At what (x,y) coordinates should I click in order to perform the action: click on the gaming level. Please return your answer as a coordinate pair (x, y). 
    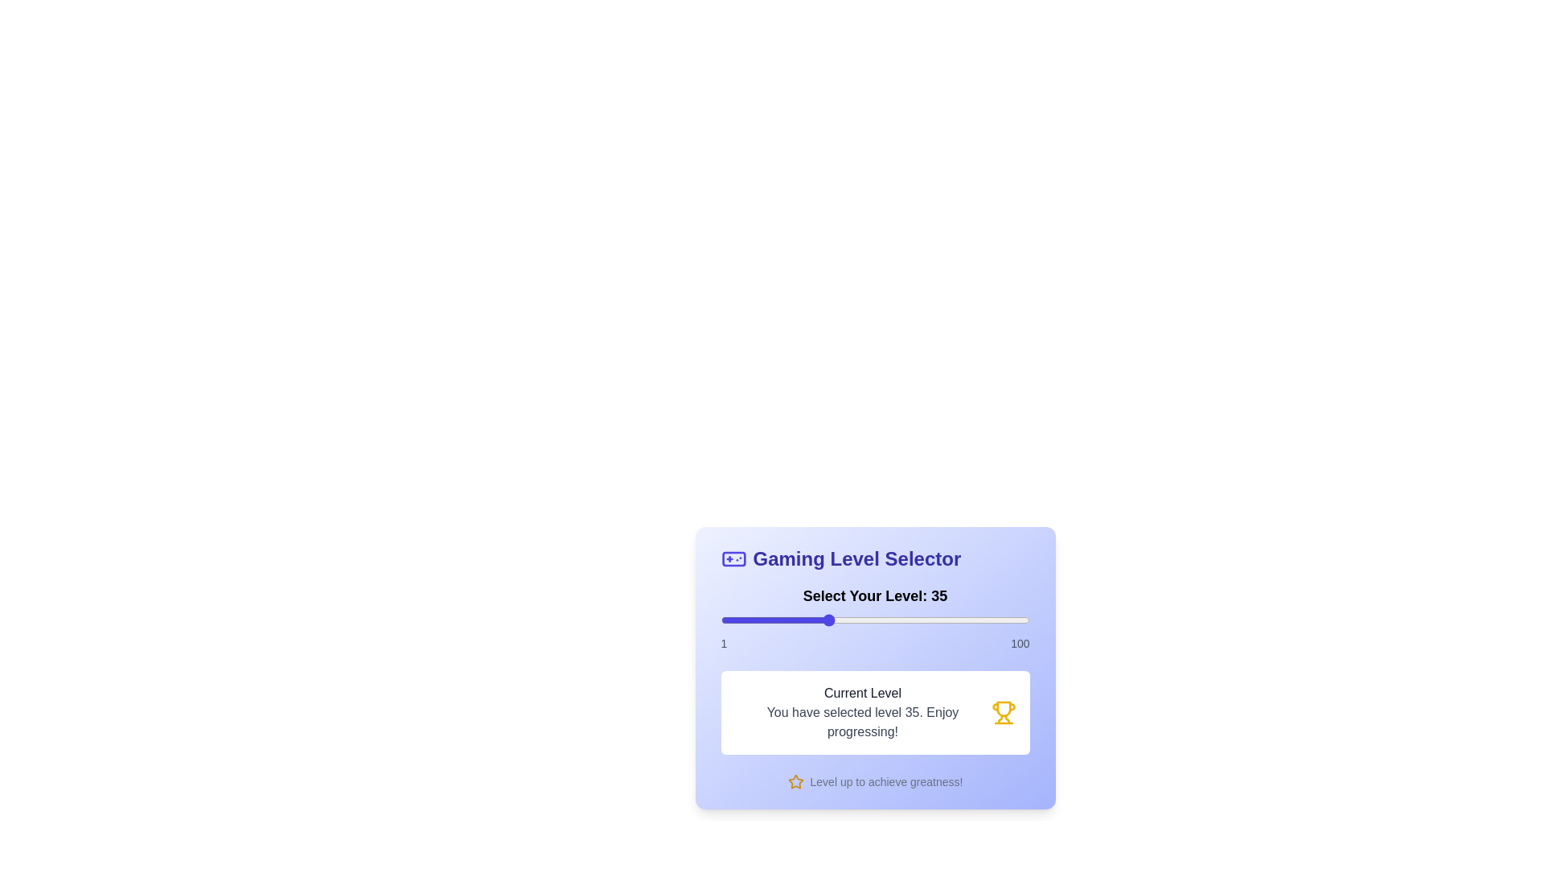
    Looking at the image, I should click on (866, 620).